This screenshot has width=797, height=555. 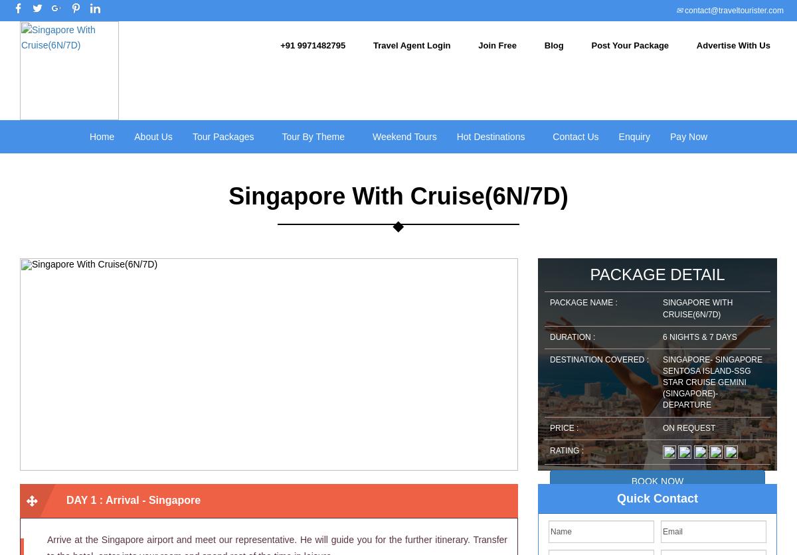 I want to click on '+91 9971482795', so click(x=312, y=45).